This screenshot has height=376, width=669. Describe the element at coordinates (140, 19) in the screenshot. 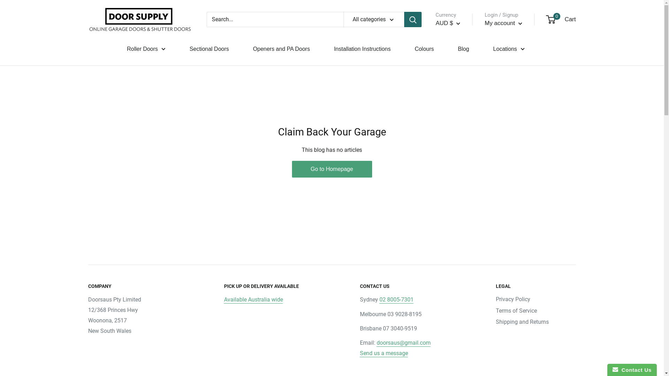

I see `'Door Supply'` at that location.